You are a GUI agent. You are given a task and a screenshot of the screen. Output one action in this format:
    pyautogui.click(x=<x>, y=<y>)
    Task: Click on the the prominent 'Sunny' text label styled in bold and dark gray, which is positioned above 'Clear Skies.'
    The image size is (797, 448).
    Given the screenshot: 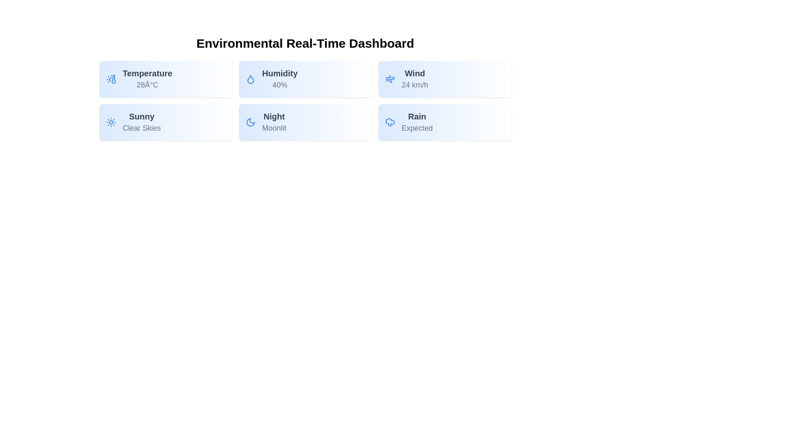 What is the action you would take?
    pyautogui.click(x=142, y=117)
    